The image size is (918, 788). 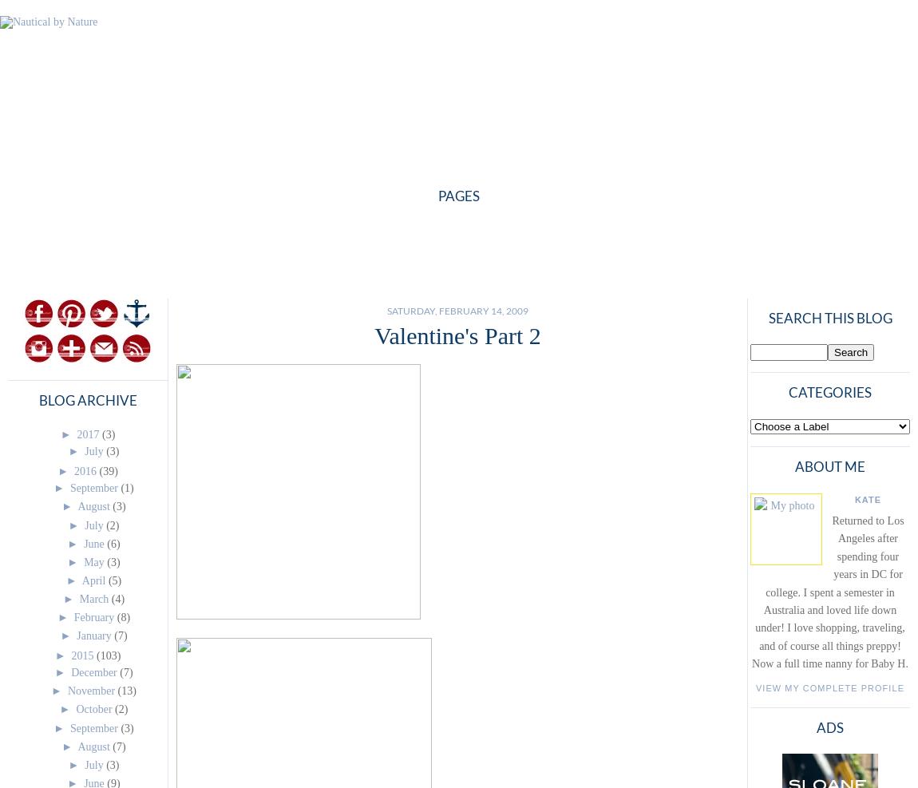 What do you see at coordinates (867, 497) in the screenshot?
I see `'Kate'` at bounding box center [867, 497].